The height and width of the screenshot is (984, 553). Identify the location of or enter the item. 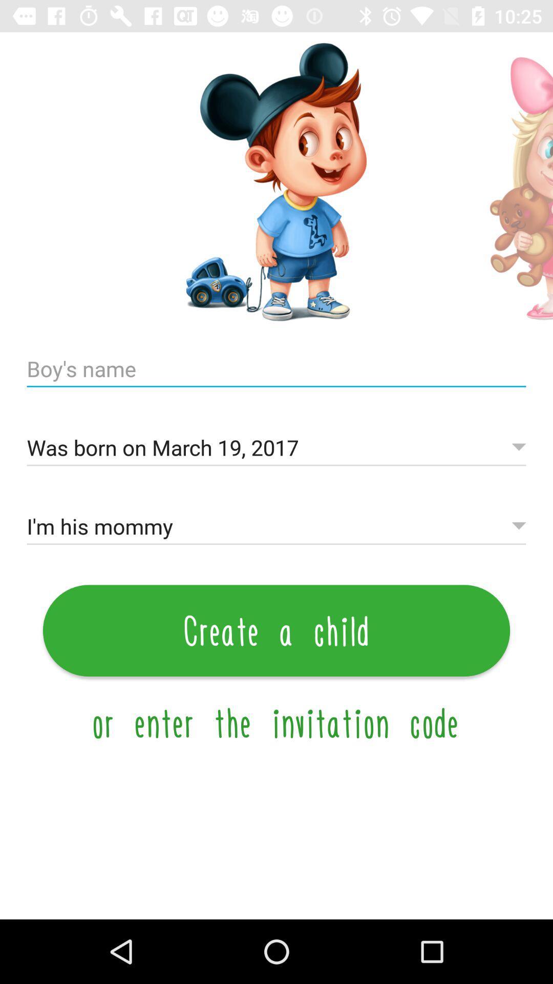
(276, 722).